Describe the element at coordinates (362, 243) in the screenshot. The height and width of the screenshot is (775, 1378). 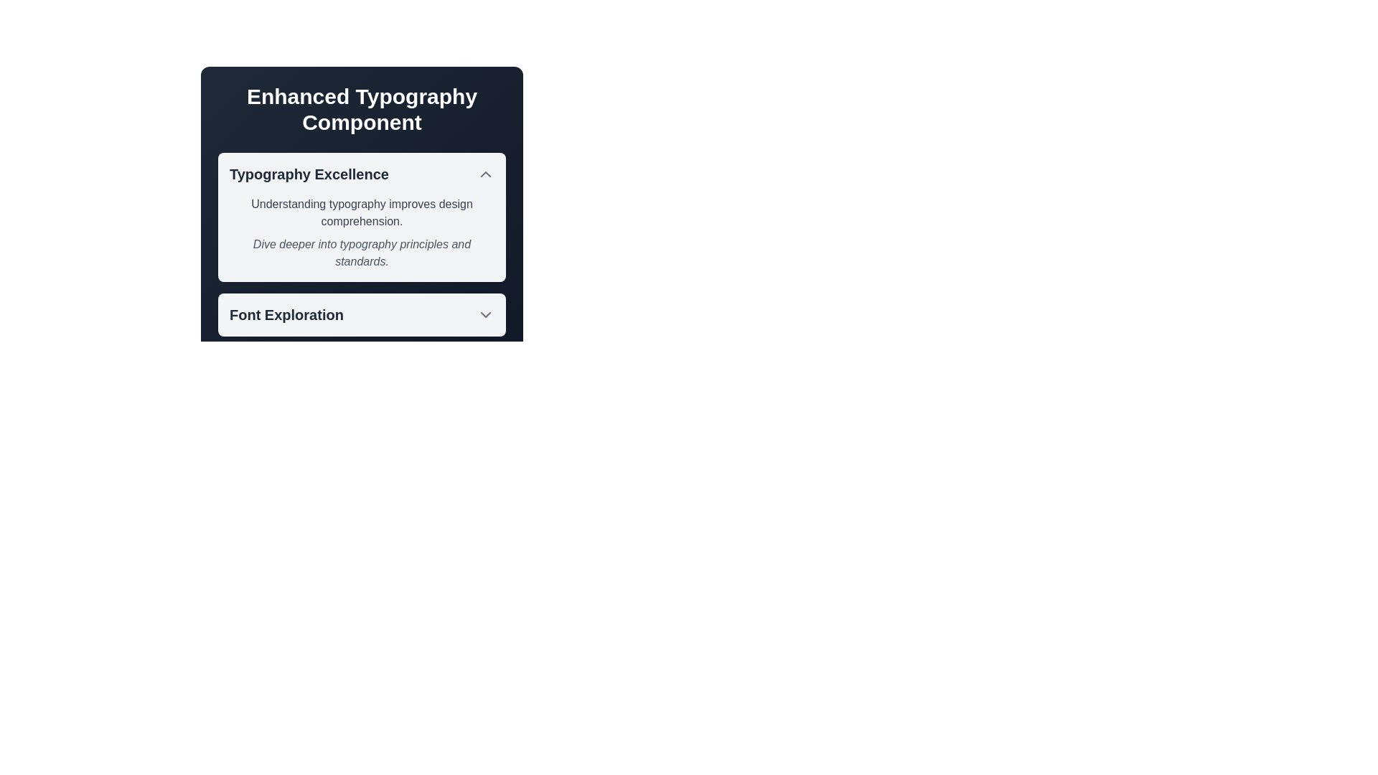
I see `the Informational panel that presents descriptive text for user comprehension, located above the 'Font Exploration' section` at that location.